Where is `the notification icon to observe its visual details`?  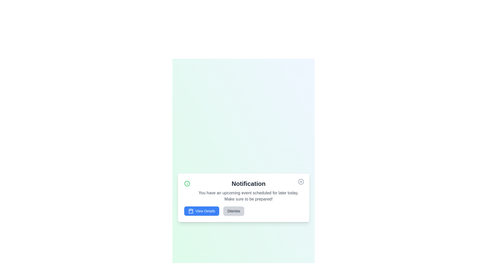 the notification icon to observe its visual details is located at coordinates (187, 183).